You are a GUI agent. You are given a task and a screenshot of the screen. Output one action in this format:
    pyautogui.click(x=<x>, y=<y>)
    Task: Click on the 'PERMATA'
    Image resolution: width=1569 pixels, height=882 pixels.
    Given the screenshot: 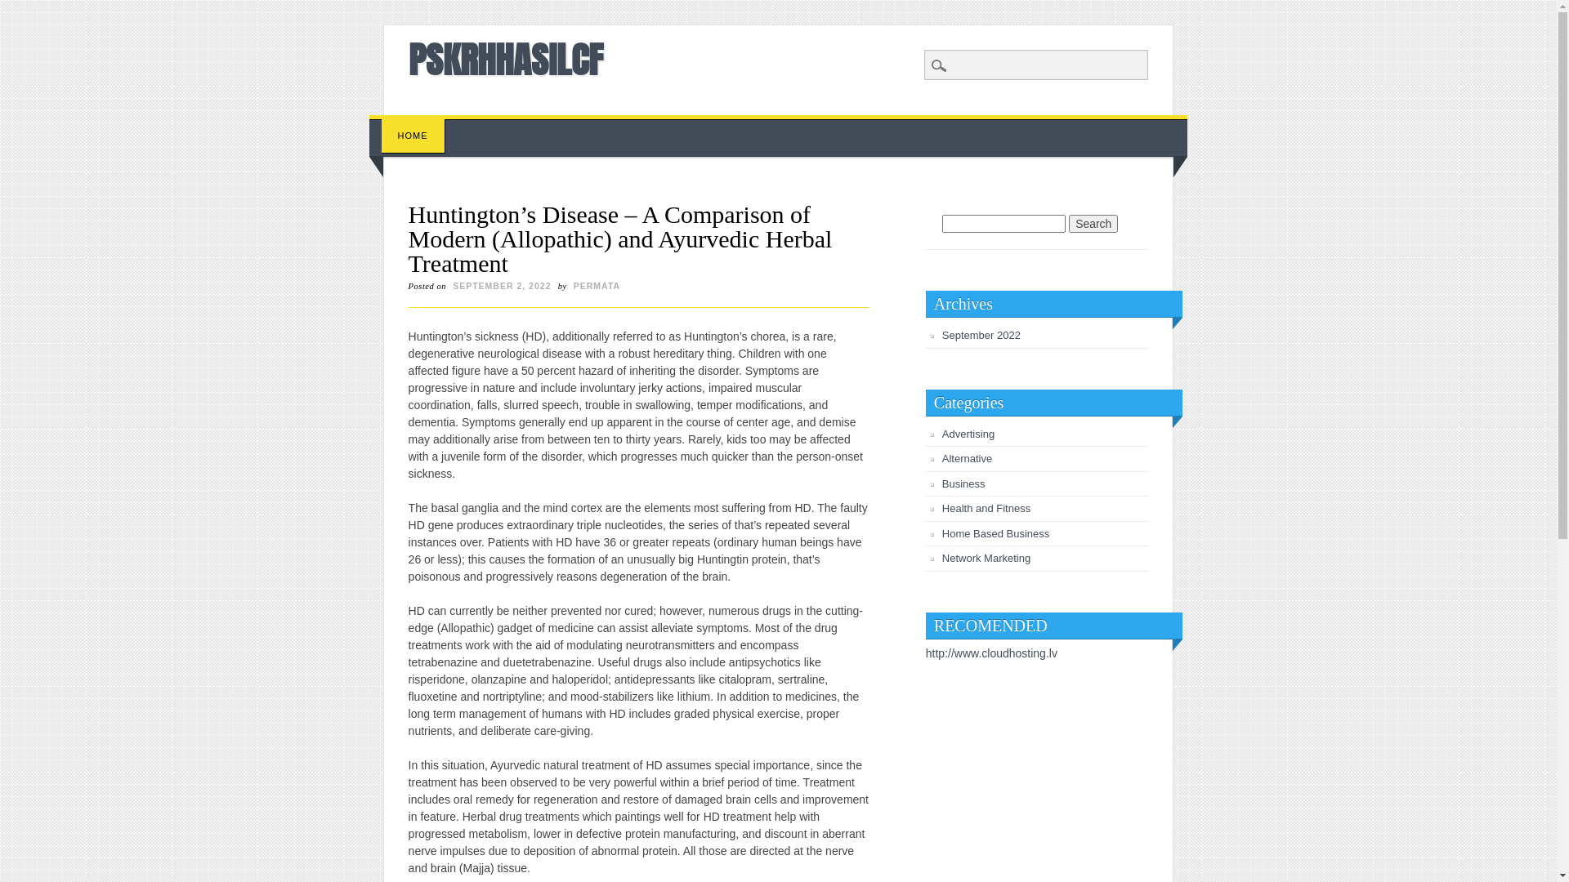 What is the action you would take?
    pyautogui.click(x=596, y=285)
    